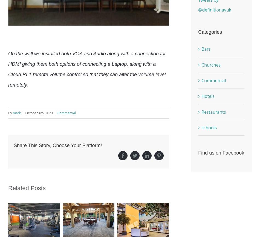 The height and width of the screenshot is (237, 260). Describe the element at coordinates (221, 153) in the screenshot. I see `'Find us on Facebook'` at that location.